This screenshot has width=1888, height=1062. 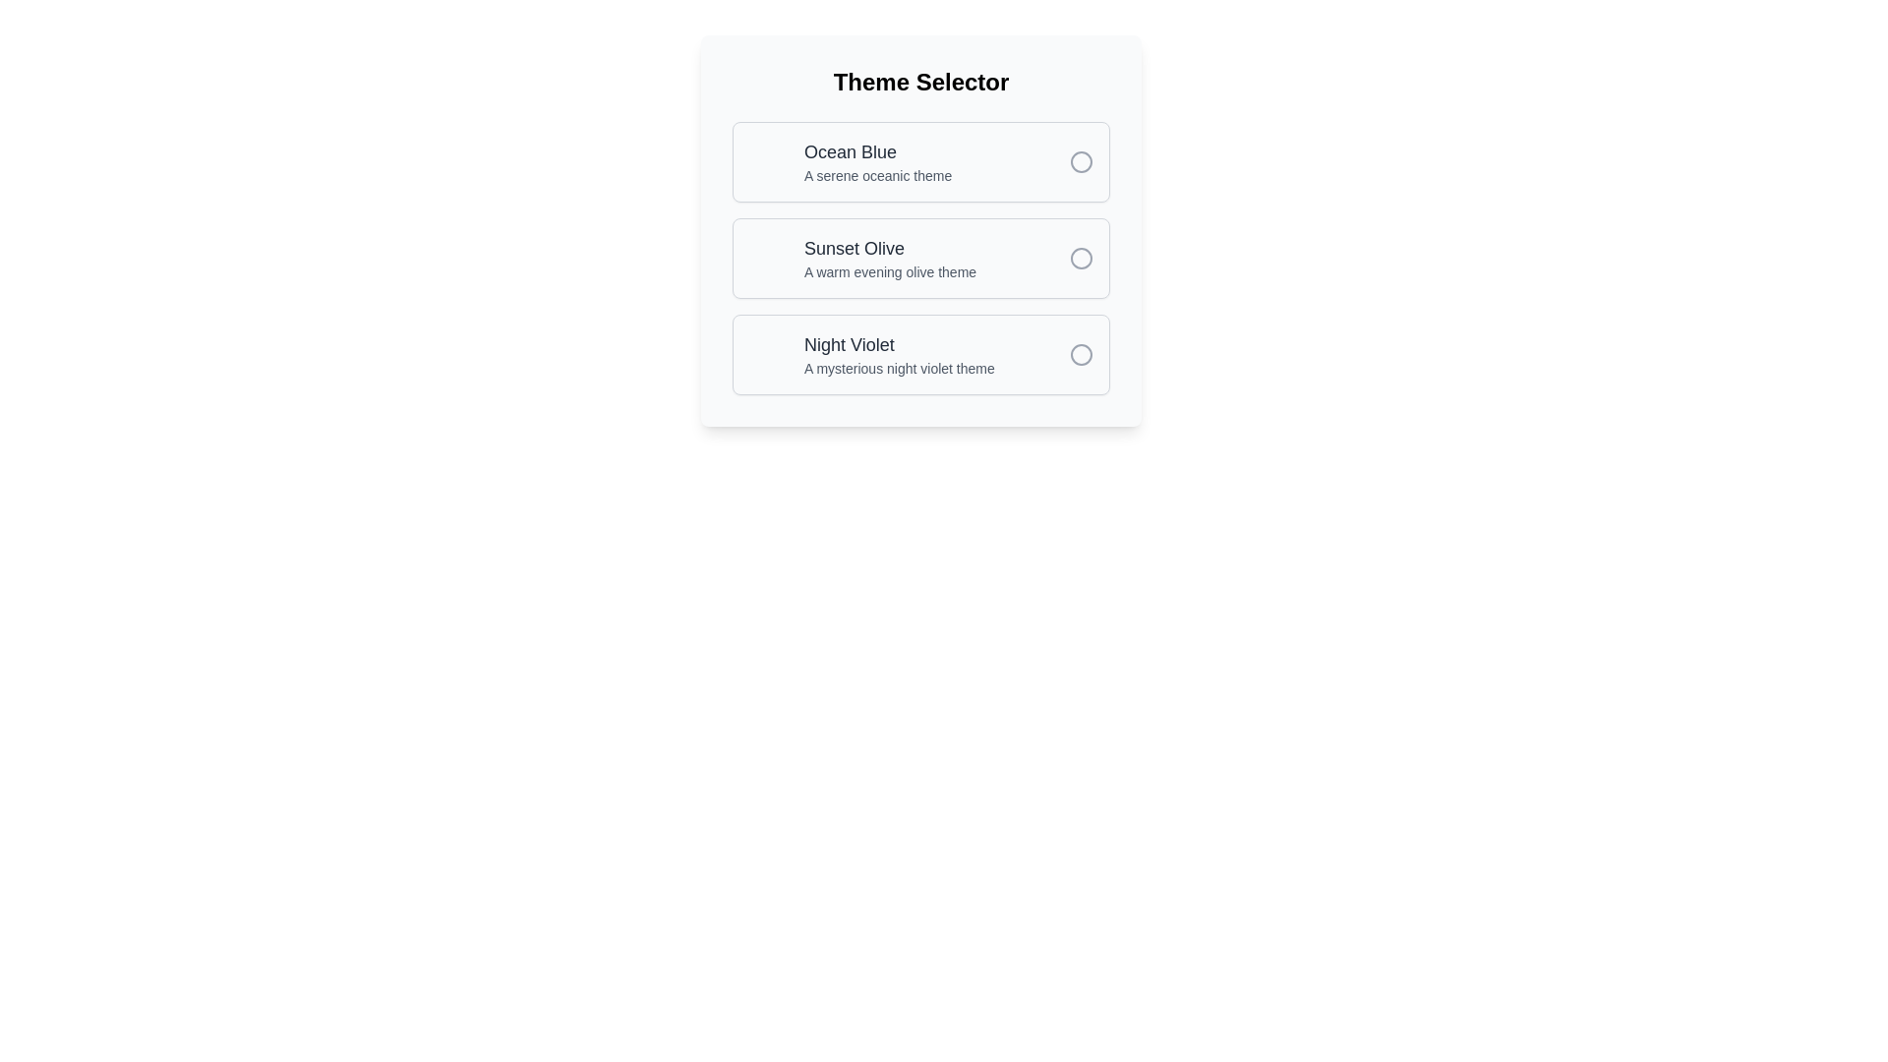 What do you see at coordinates (919, 230) in the screenshot?
I see `the second option in the 'Theme Selector' dialog box labeled 'Sunset Olive'` at bounding box center [919, 230].